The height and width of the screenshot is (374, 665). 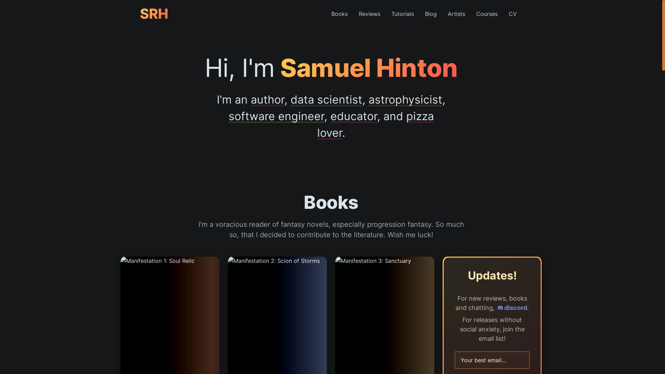 I want to click on 'SRH', so click(x=139, y=14).